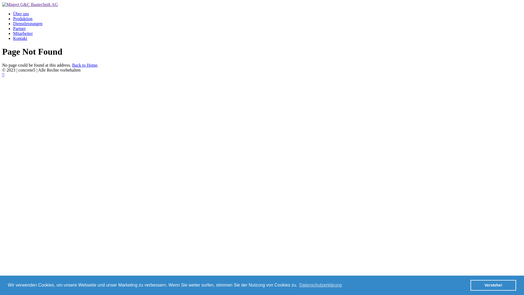 The width and height of the screenshot is (524, 295). I want to click on 'Produktion', so click(22, 18).